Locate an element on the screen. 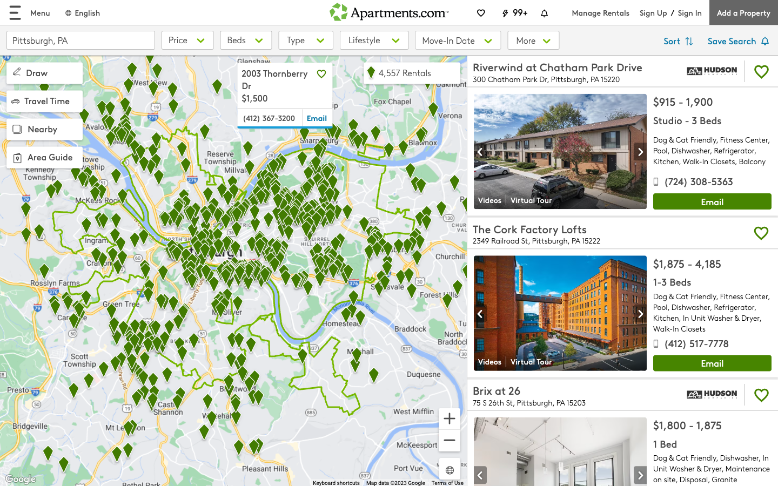 The image size is (778, 486). sign in is located at coordinates (689, 12).